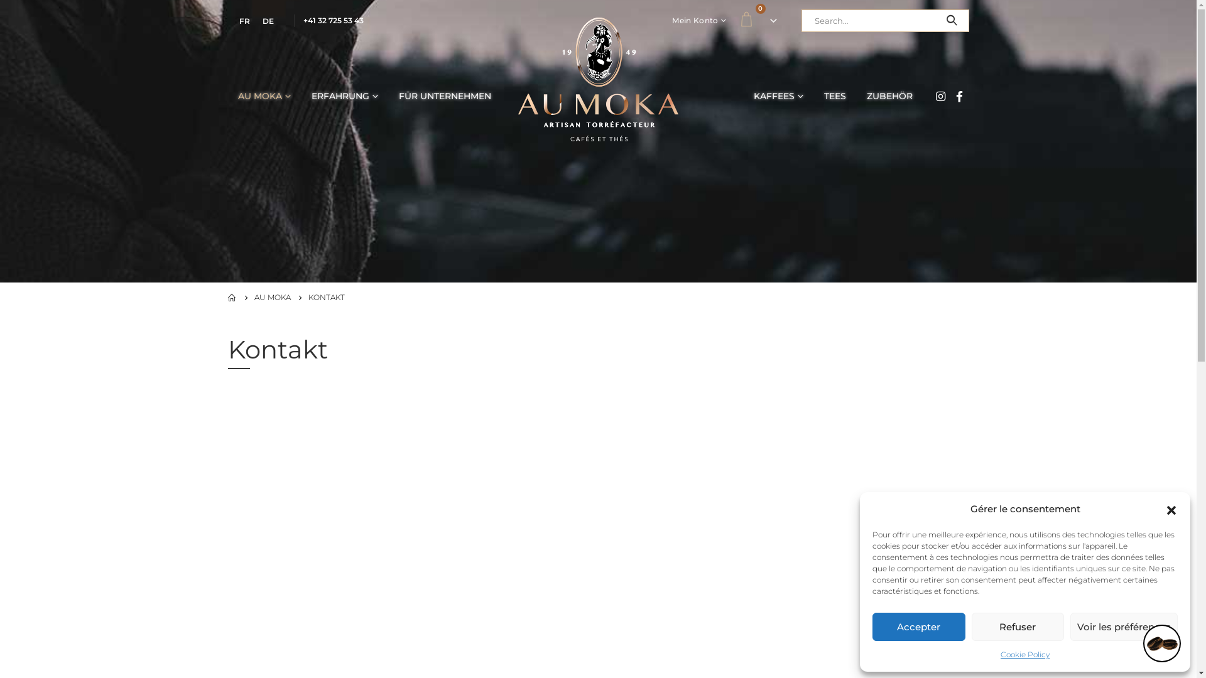  I want to click on 'ERFAHRUNG', so click(344, 95).